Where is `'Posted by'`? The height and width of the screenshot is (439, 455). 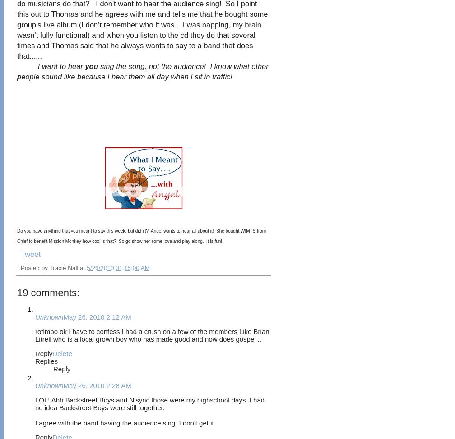 'Posted by' is located at coordinates (35, 267).